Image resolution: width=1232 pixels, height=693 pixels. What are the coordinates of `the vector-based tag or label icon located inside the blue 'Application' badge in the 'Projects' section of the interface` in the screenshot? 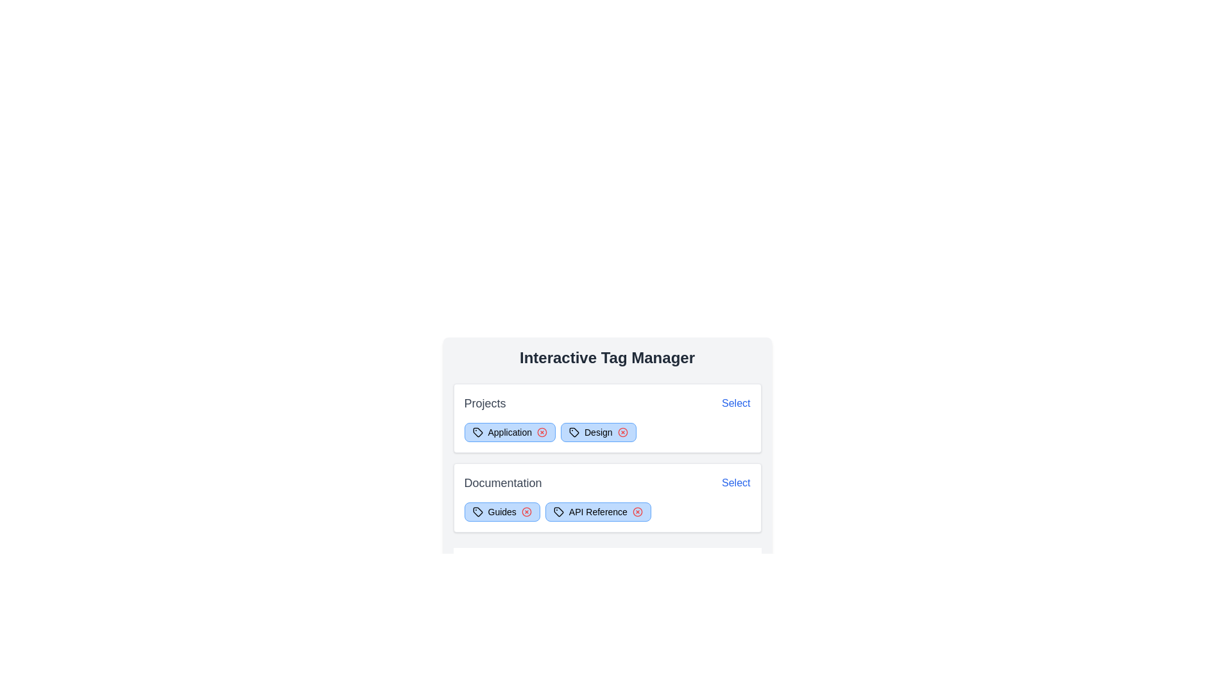 It's located at (477, 432).